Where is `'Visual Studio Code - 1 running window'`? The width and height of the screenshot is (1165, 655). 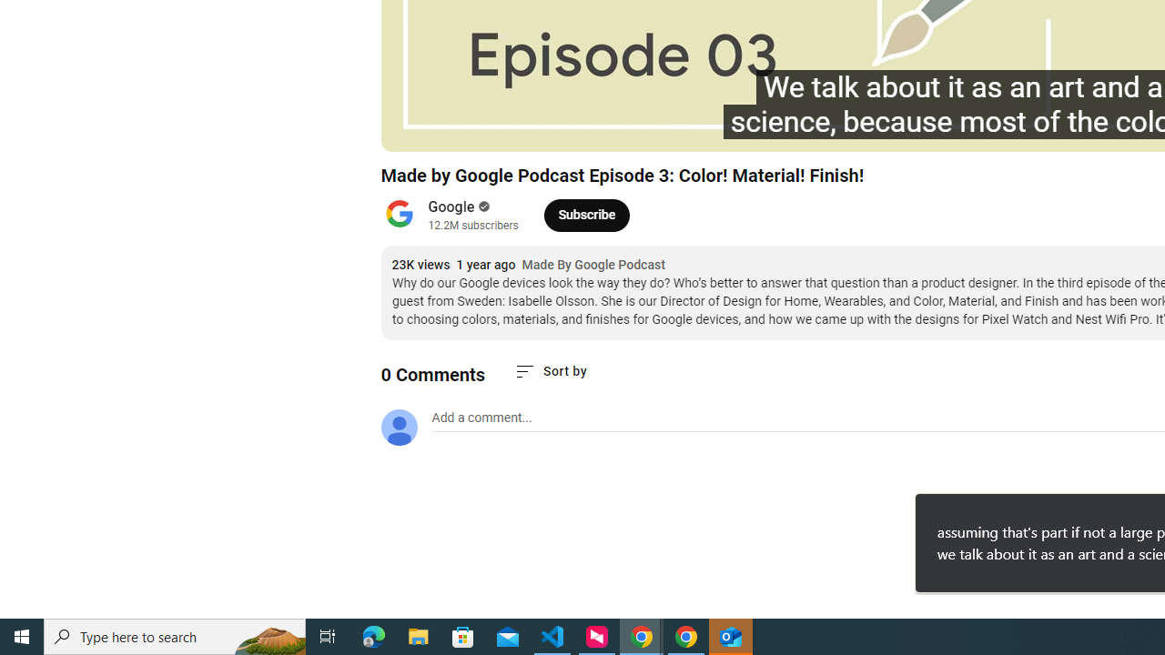
'Visual Studio Code - 1 running window' is located at coordinates (552, 635).